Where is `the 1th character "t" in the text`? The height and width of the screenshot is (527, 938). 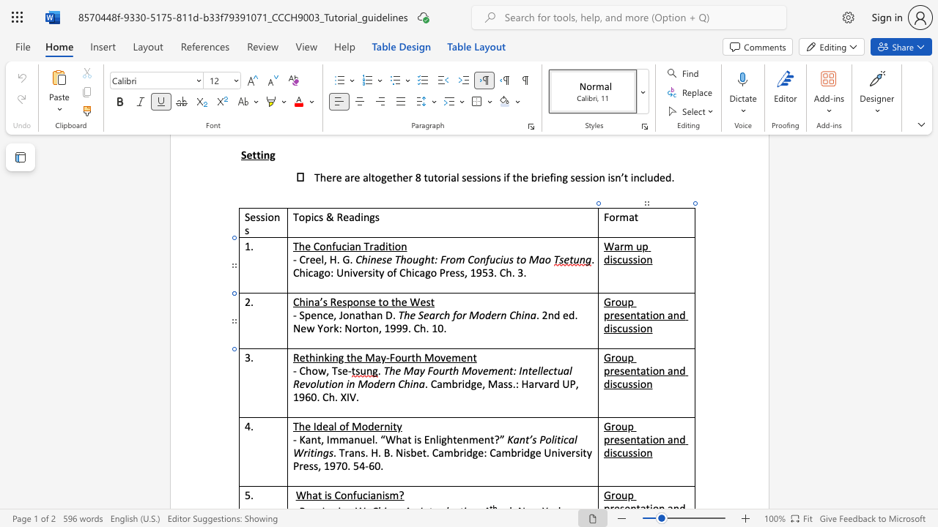
the 1th character "t" in the text is located at coordinates (306, 357).